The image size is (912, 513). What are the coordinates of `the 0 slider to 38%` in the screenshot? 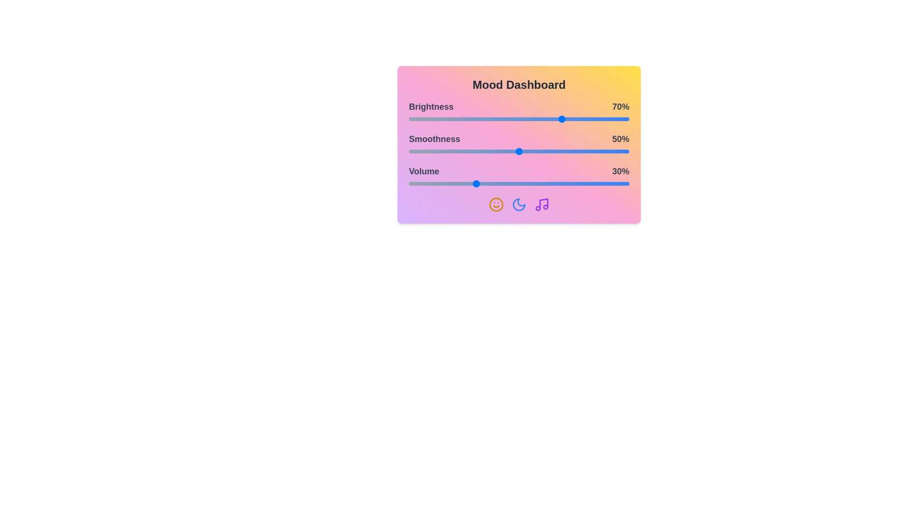 It's located at (493, 118).